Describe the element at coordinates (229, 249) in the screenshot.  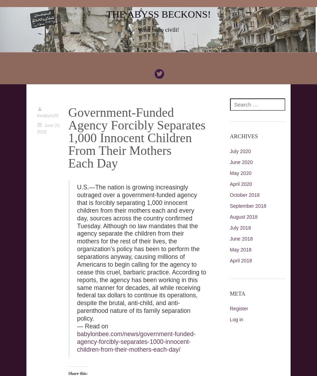
I see `'May 2018'` at that location.